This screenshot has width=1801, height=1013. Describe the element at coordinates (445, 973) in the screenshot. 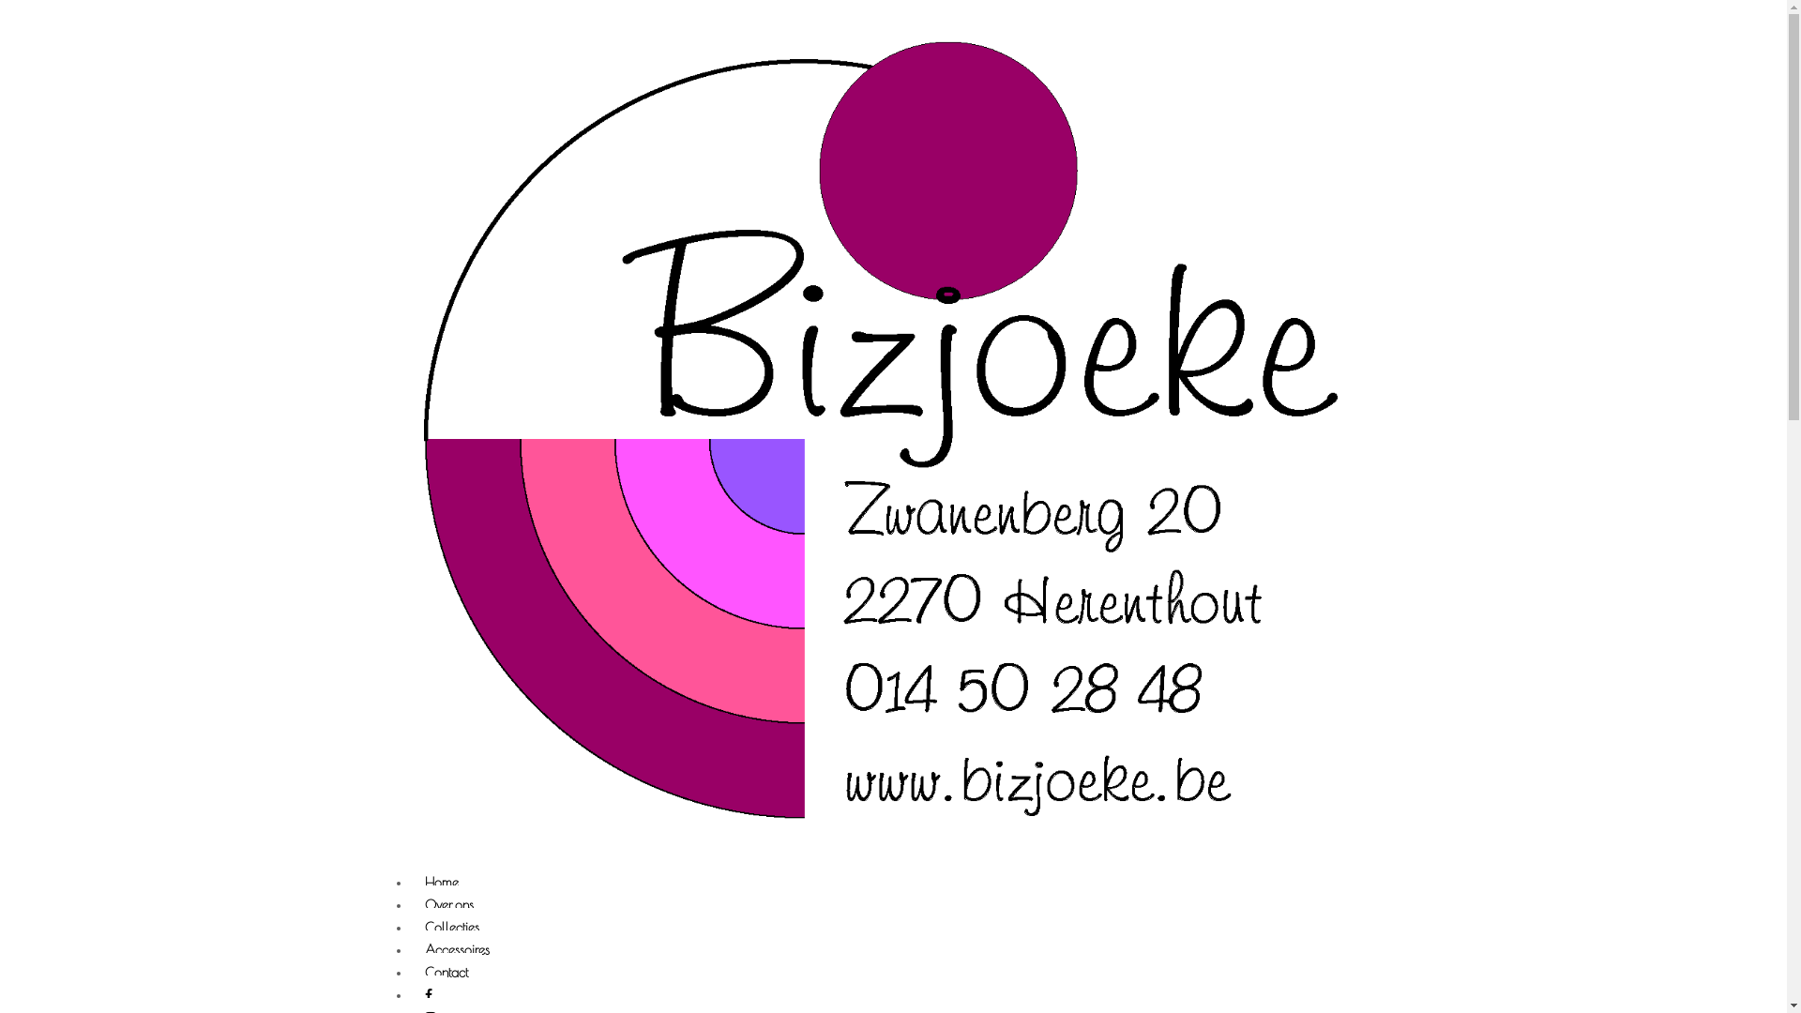

I see `'Contact'` at that location.